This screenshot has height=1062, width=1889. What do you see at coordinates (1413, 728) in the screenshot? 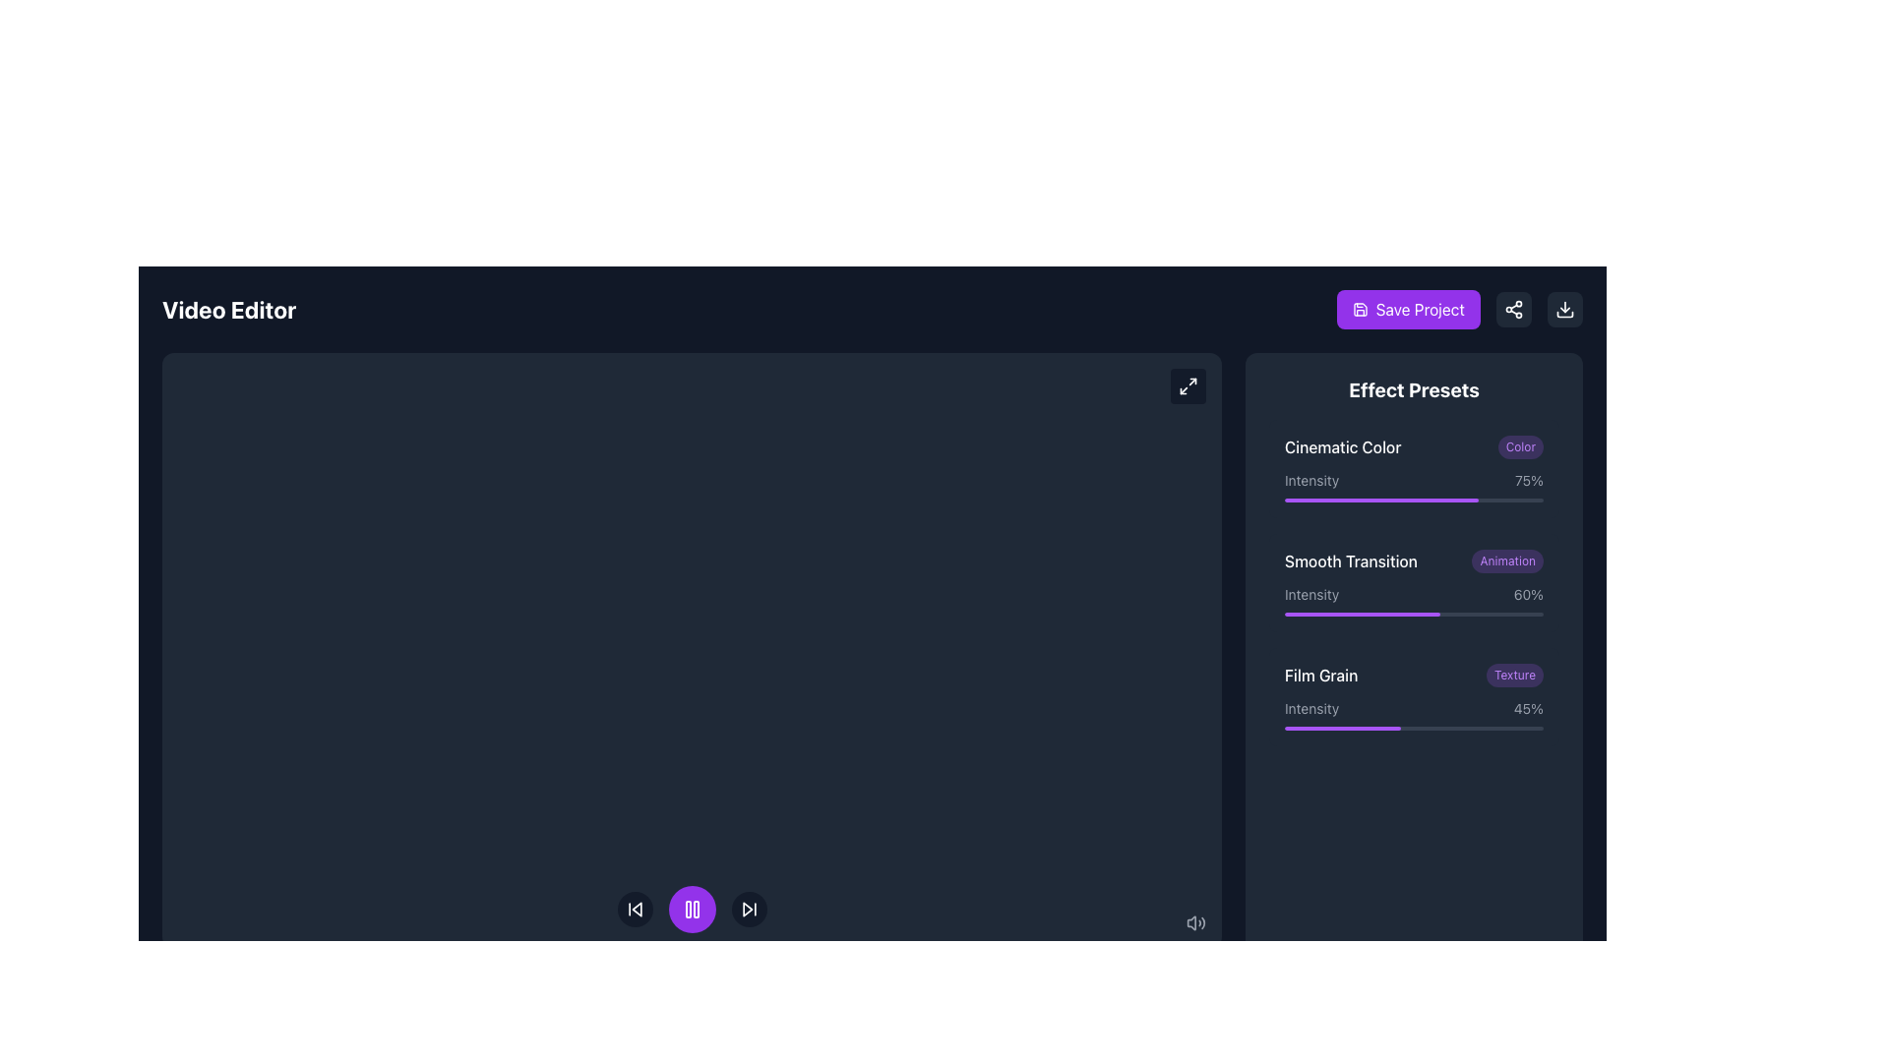
I see `horizontal progress bar representing 45% value in the 'Film Grain' intensity row within the 'Effect Presets' panel` at bounding box center [1413, 728].